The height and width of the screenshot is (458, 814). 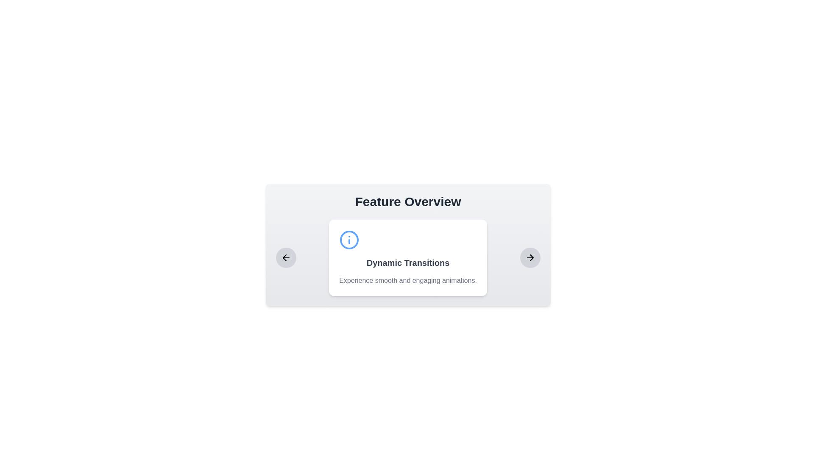 What do you see at coordinates (284, 257) in the screenshot?
I see `the backward navigation icon located within the left-hand navigation area of the 'Feature Overview' card-like structure` at bounding box center [284, 257].